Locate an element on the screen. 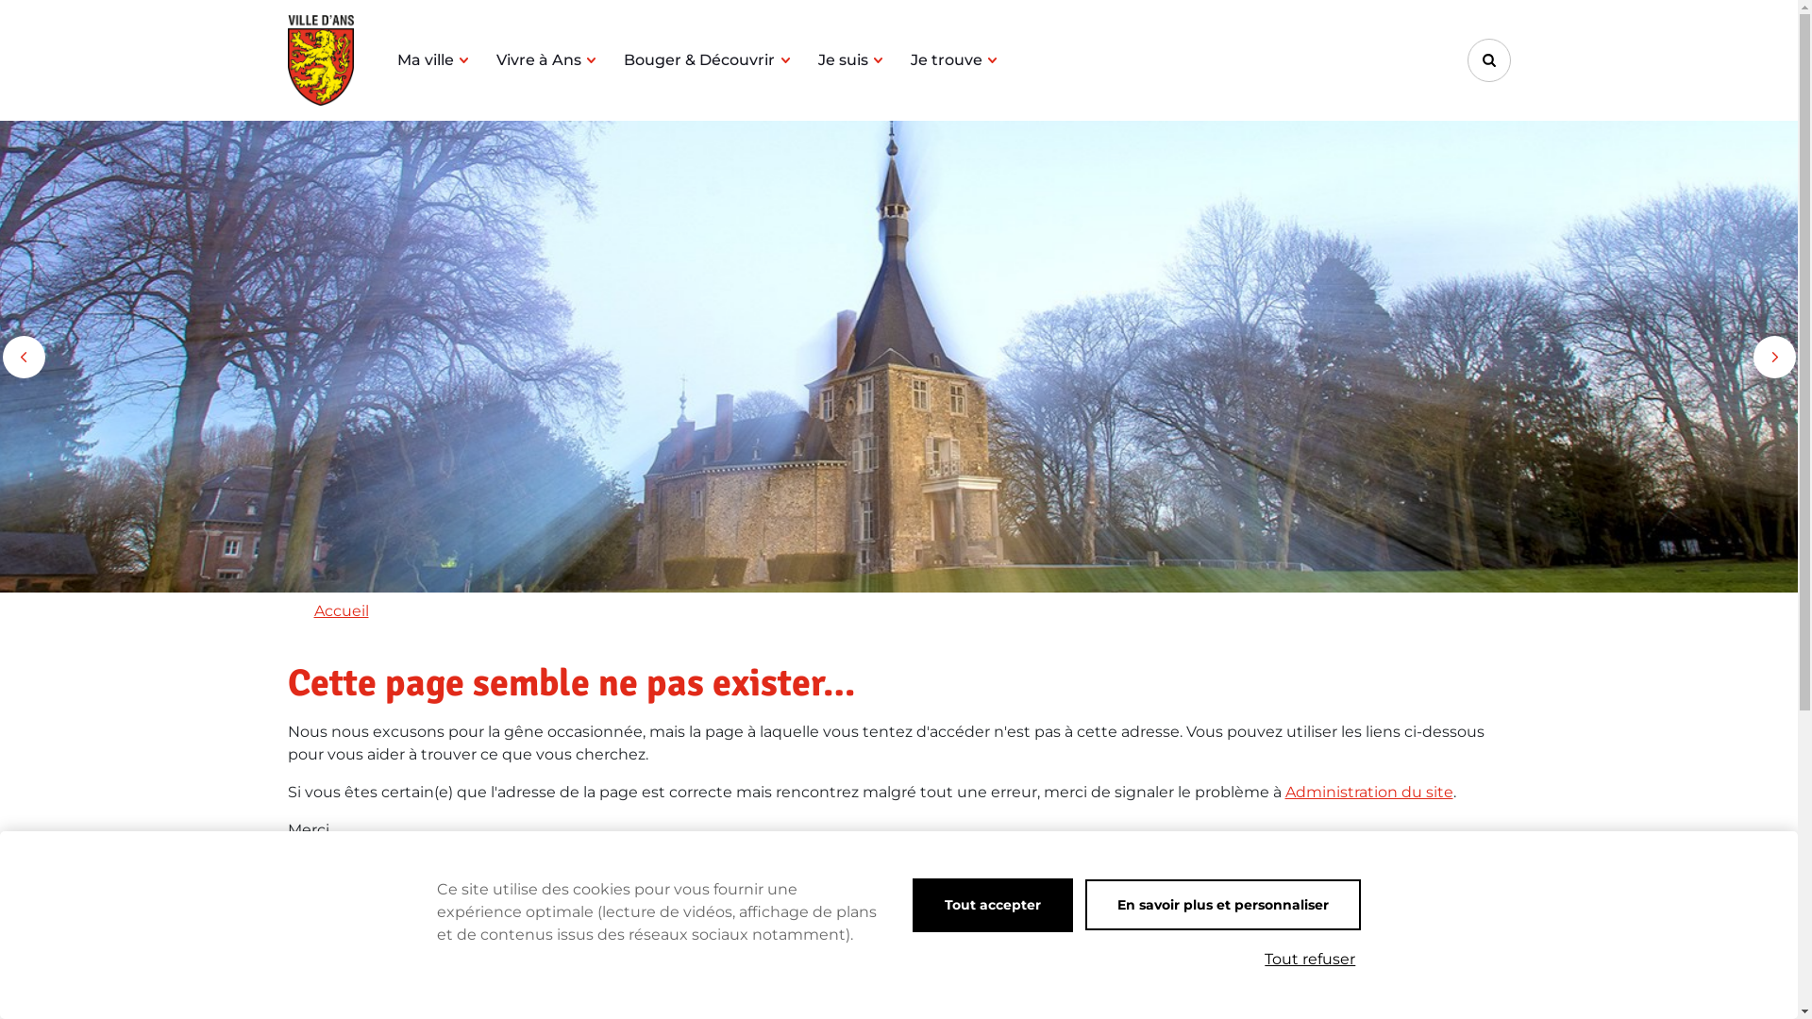  'Je trouve' is located at coordinates (910, 59).